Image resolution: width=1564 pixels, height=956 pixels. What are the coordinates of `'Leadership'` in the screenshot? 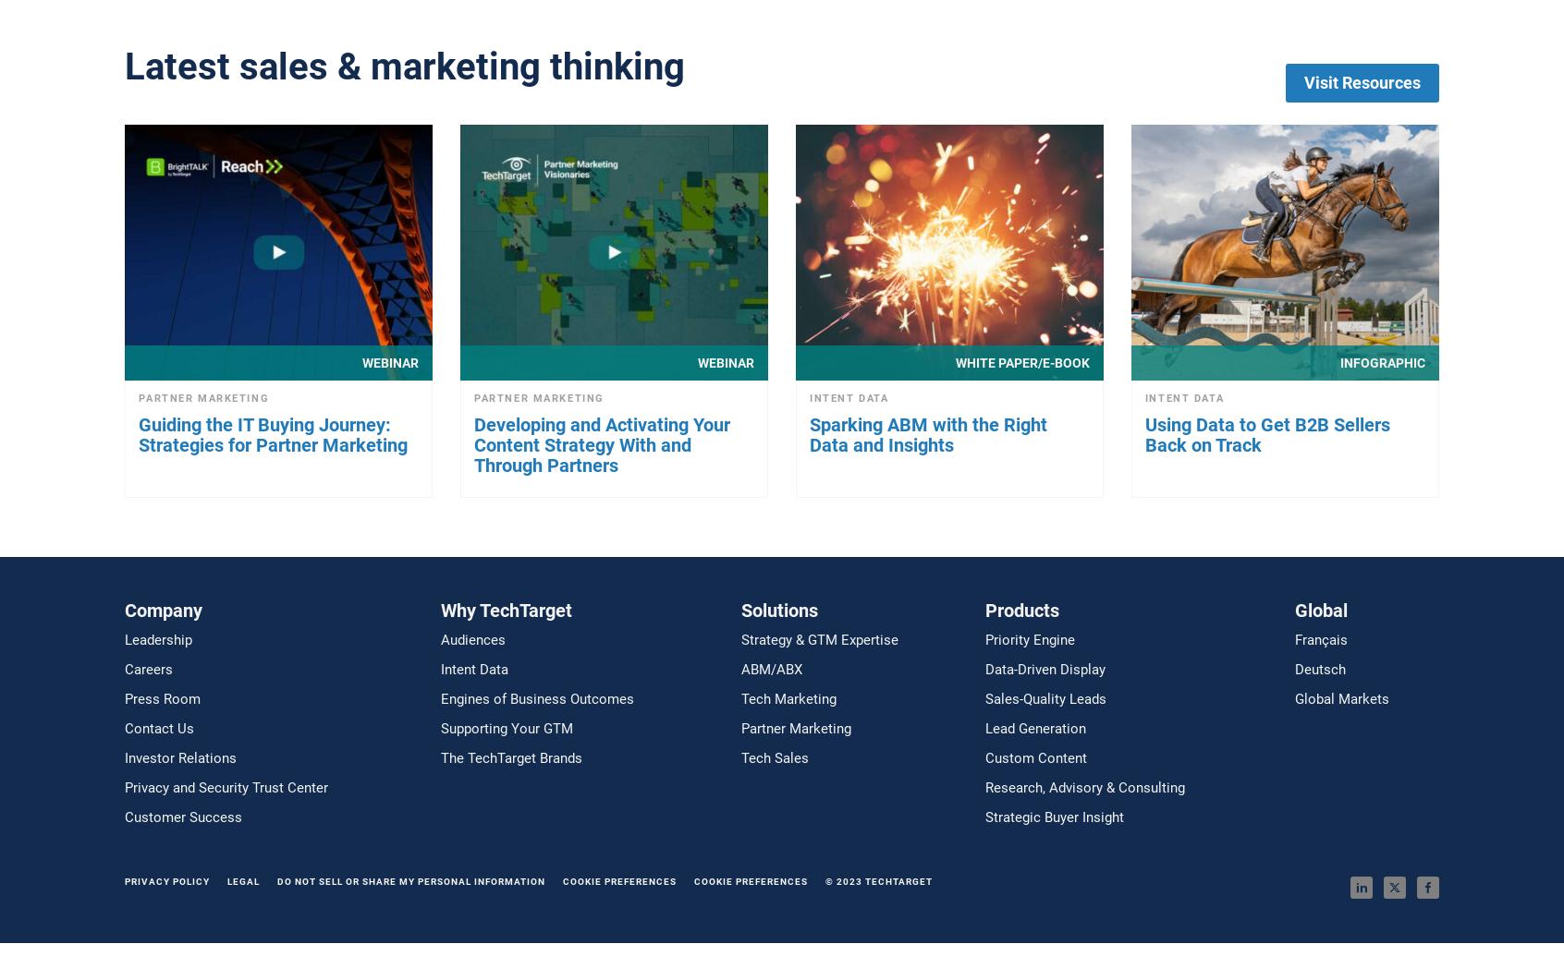 It's located at (157, 638).